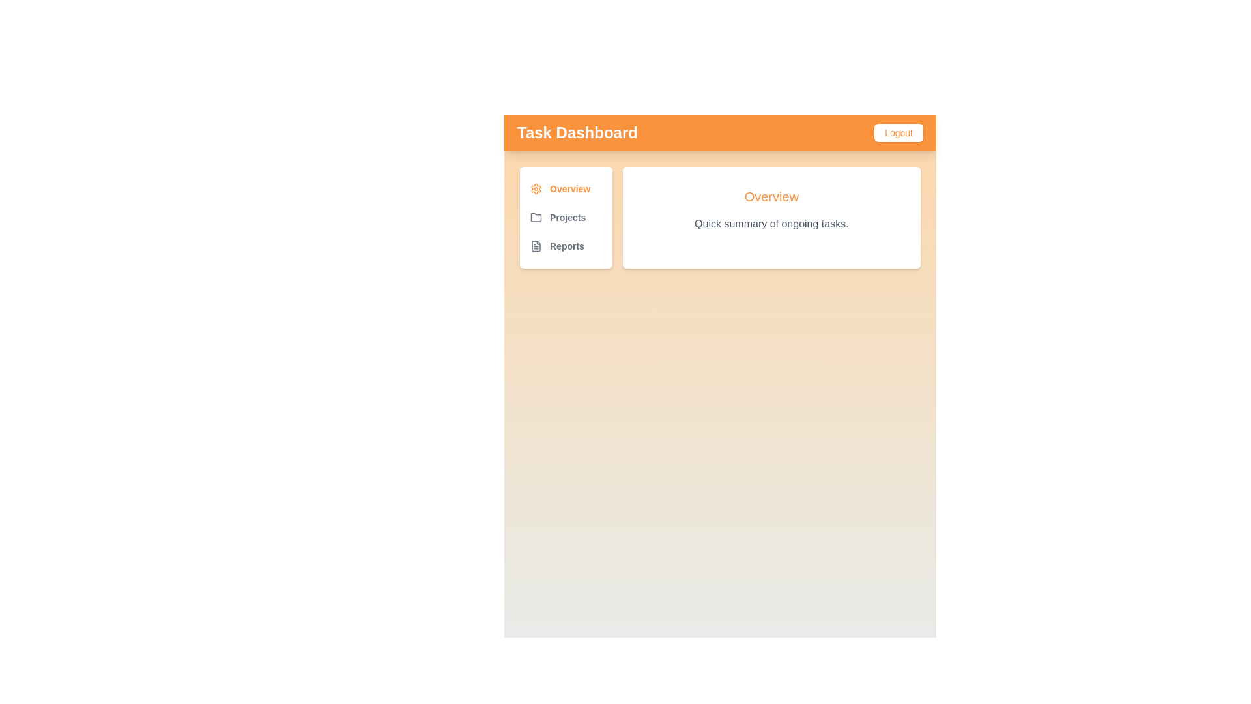 The height and width of the screenshot is (704, 1251). Describe the element at coordinates (566, 217) in the screenshot. I see `the 'Projects' navigational menu item, which is represented by text and an accompanying icon` at that location.